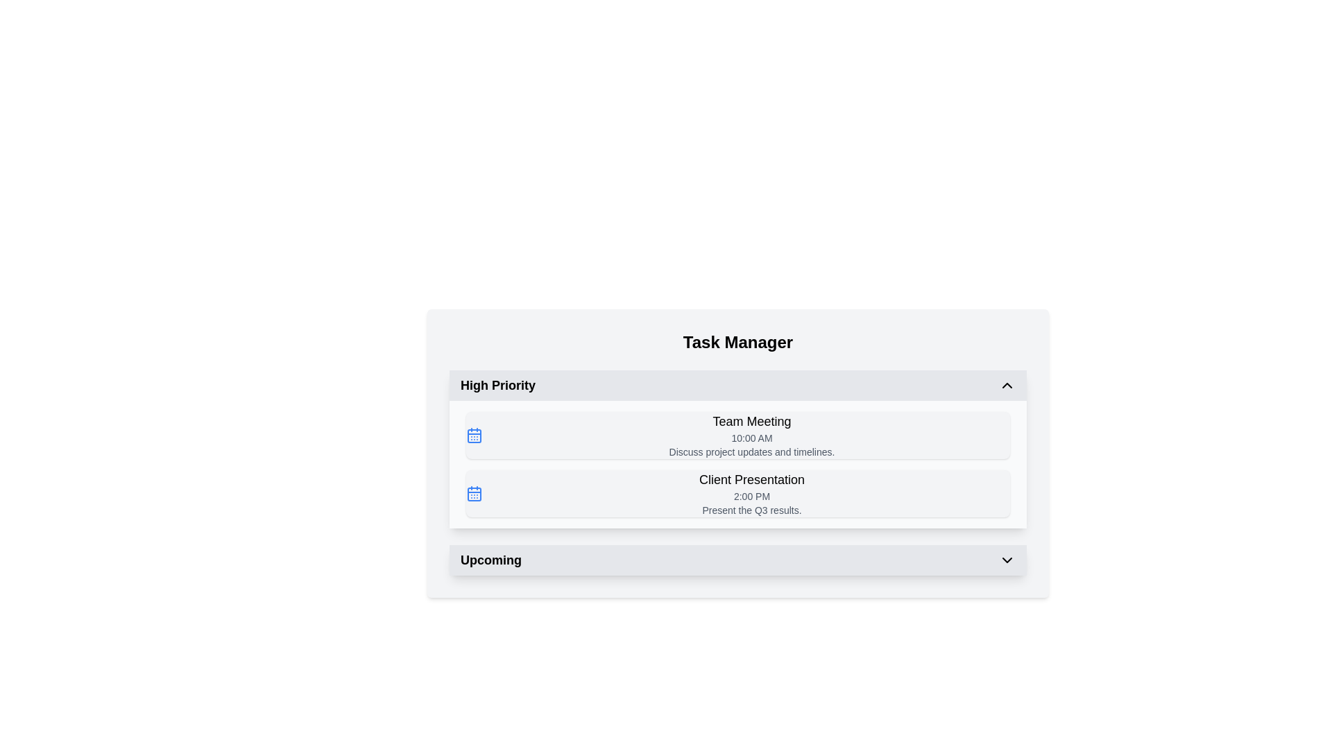  Describe the element at coordinates (751, 438) in the screenshot. I see `the text displaying the time '10:00 AM', which is styled in gray and positioned below 'Team Meeting' within the 'High Priority' section of the task list` at that location.